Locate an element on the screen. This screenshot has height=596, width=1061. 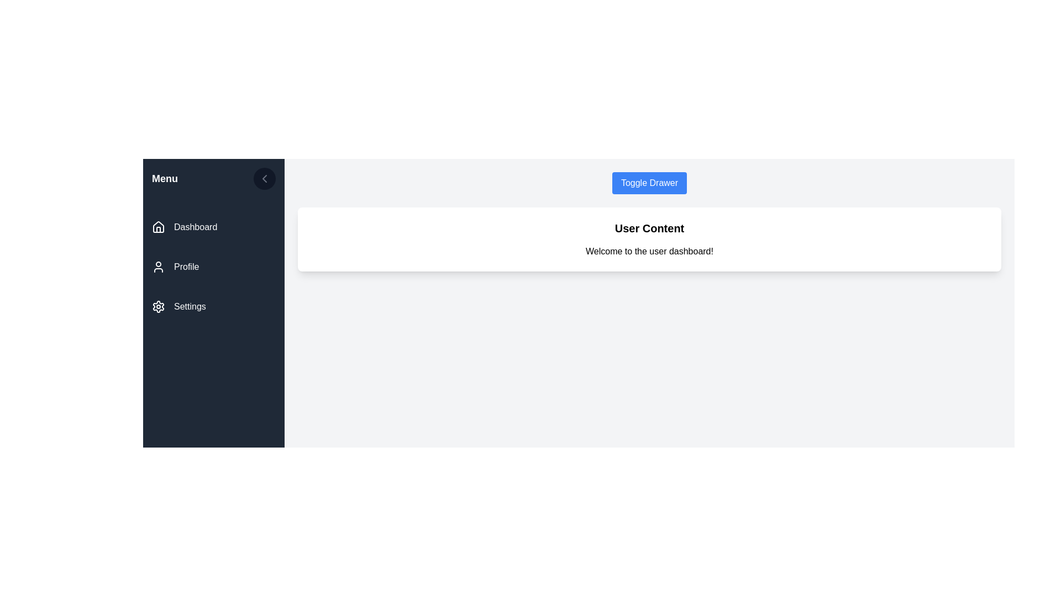
the blue 'Toggle Drawer' button with rounded corners located at the top-right section of the main content area is located at coordinates (649, 182).